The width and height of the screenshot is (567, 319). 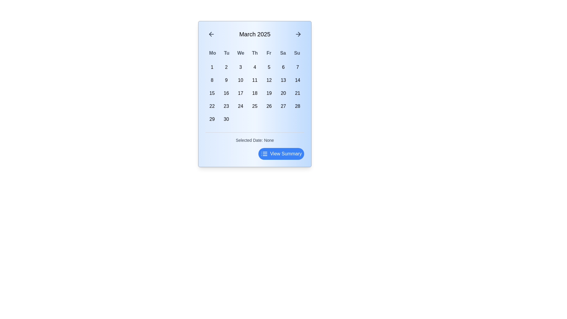 What do you see at coordinates (283, 67) in the screenshot?
I see `the button representing the date March 6, 2025` at bounding box center [283, 67].